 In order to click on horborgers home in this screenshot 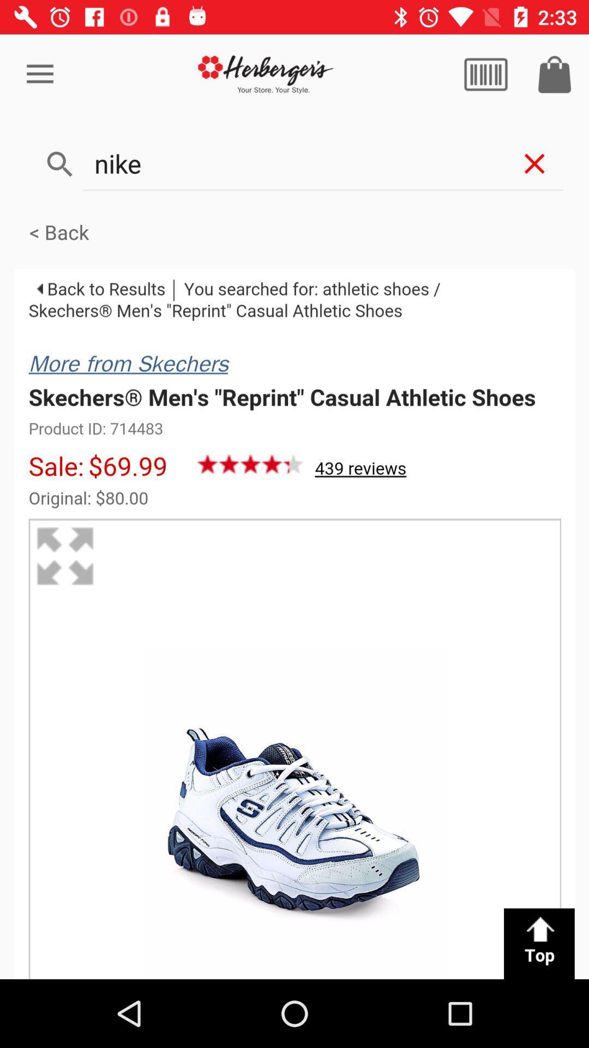, I will do `click(266, 74)`.